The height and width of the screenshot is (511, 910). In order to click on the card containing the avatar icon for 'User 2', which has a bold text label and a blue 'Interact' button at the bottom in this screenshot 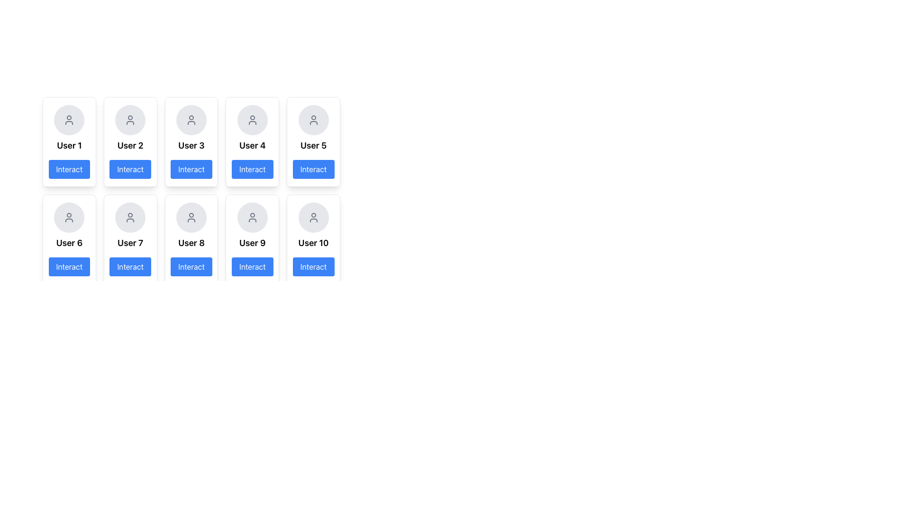, I will do `click(130, 142)`.